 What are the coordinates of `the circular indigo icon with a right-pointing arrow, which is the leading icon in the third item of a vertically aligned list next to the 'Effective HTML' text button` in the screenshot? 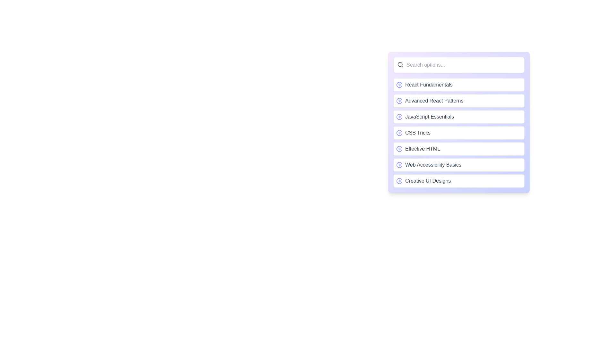 It's located at (399, 149).